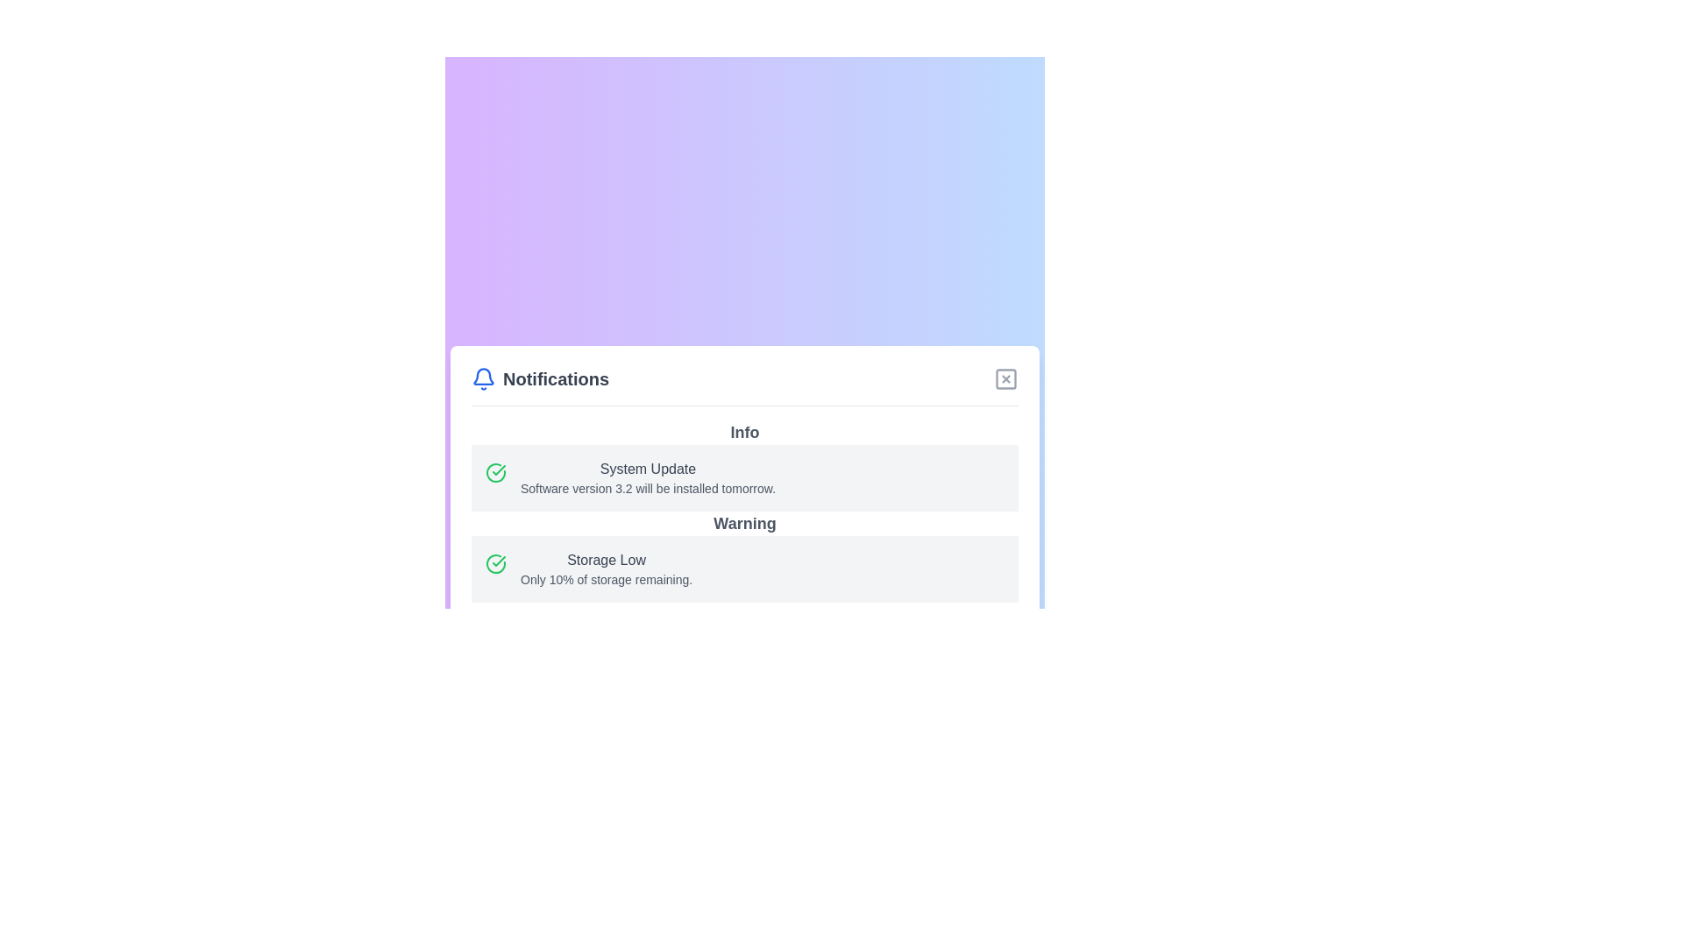 The image size is (1683, 946). I want to click on the informational text about the scheduled software update located below the 'System Update' header in the notification card under the 'Info' section, so click(647, 488).